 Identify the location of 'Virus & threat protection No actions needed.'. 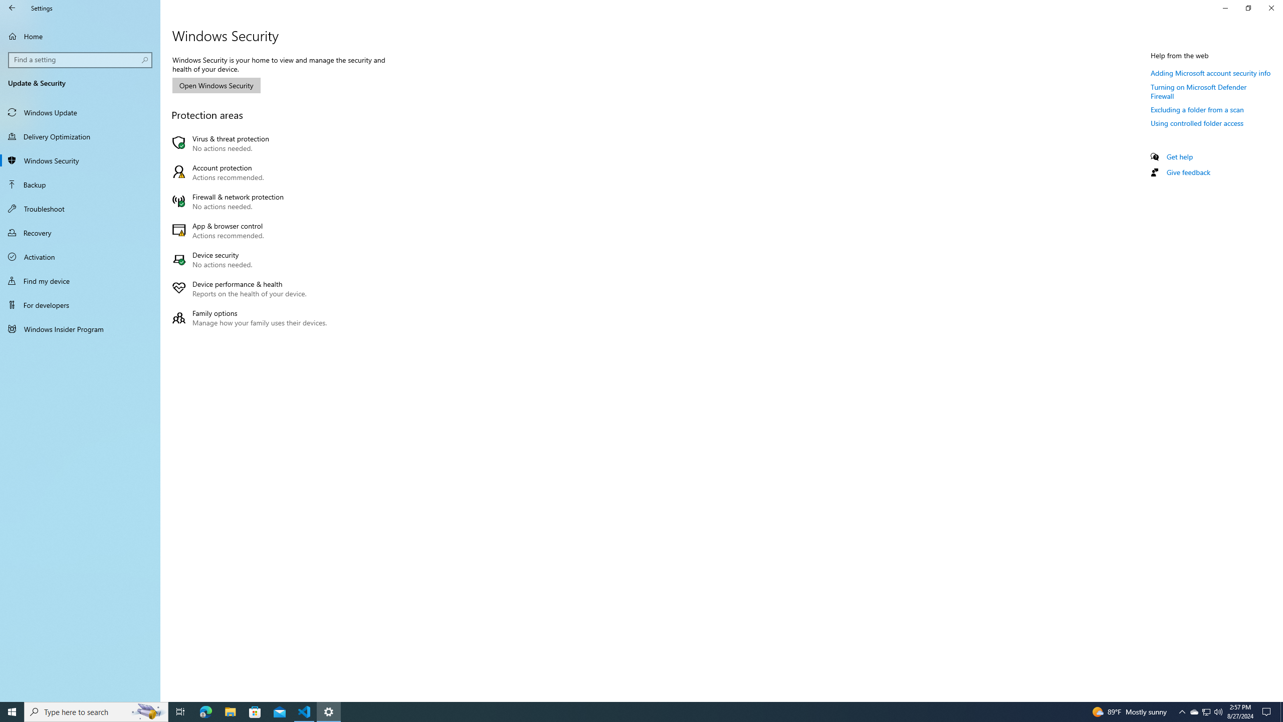
(252, 142).